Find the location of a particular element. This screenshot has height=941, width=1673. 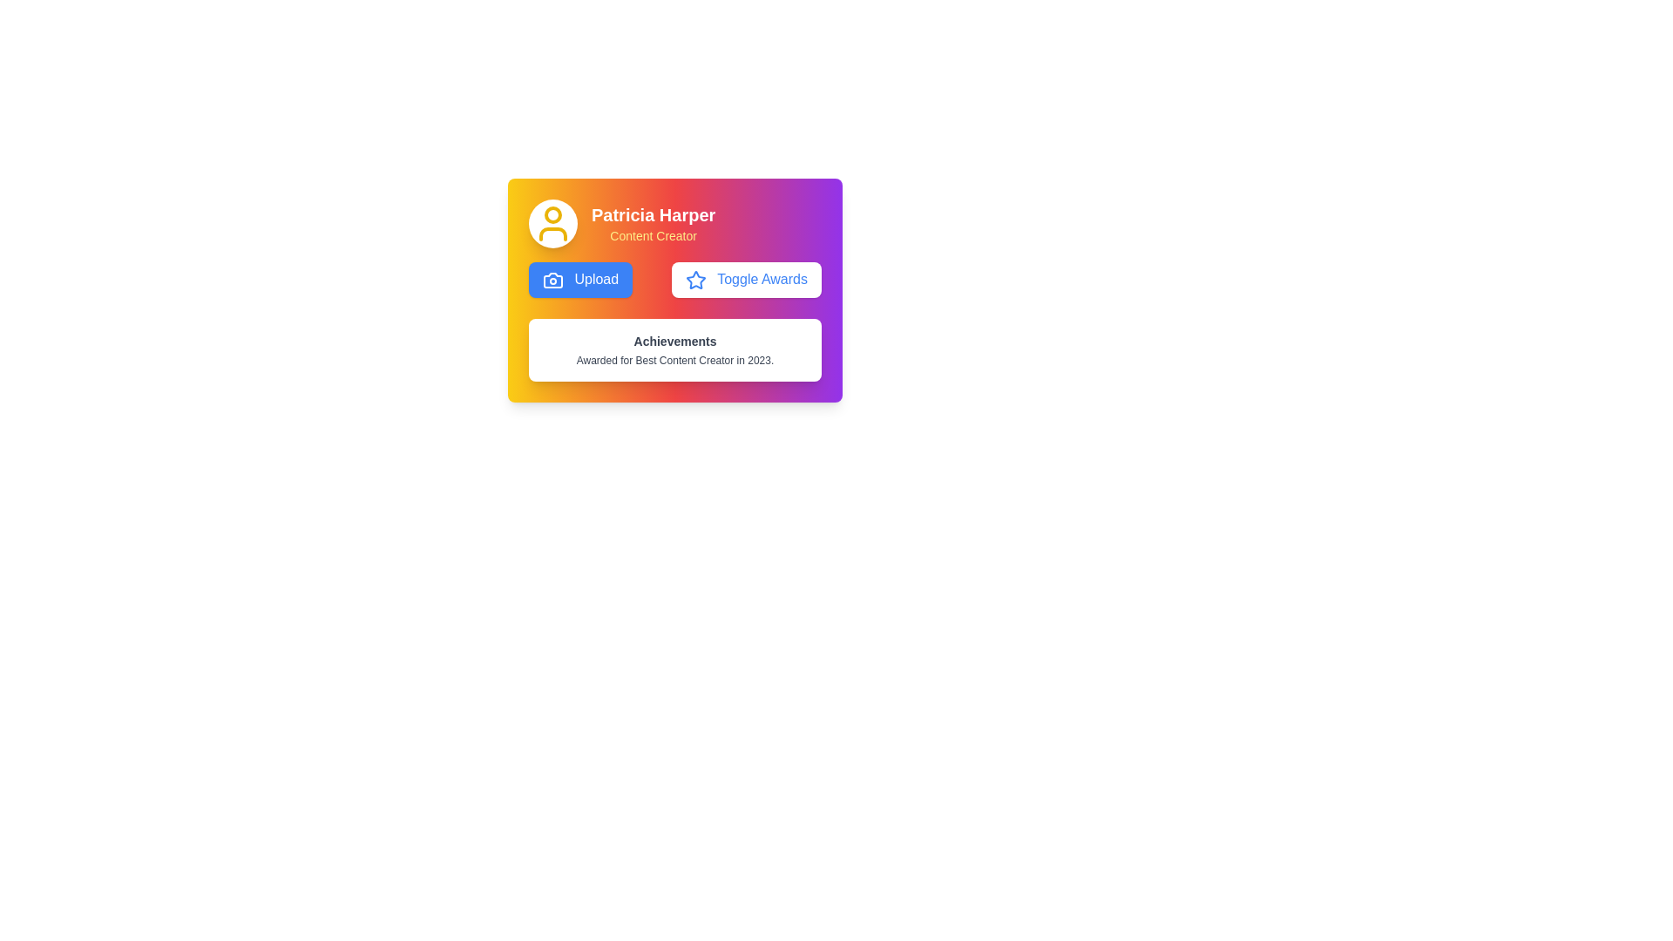

the star SVG icon is located at coordinates (695, 279).